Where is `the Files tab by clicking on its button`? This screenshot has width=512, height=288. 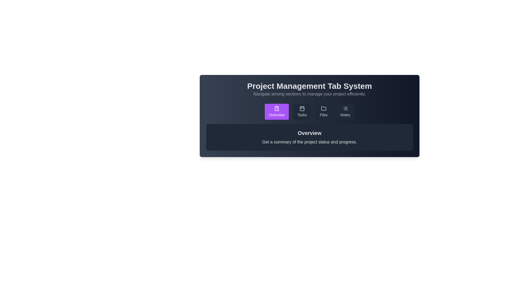 the Files tab by clicking on its button is located at coordinates (323, 111).